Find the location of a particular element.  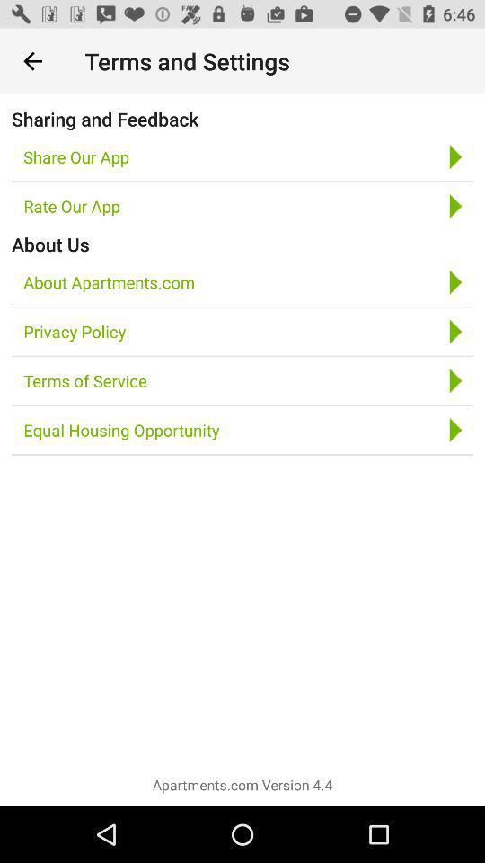

the icon above terms of service icon is located at coordinates (74, 331).